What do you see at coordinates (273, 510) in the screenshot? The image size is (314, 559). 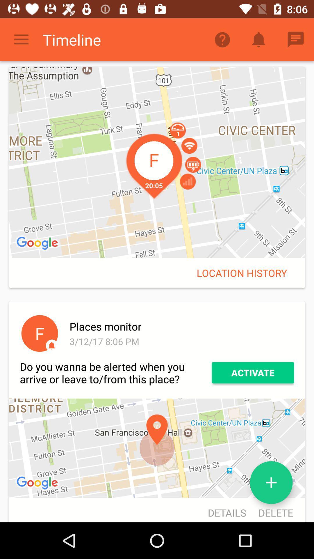 I see `the delete item` at bounding box center [273, 510].